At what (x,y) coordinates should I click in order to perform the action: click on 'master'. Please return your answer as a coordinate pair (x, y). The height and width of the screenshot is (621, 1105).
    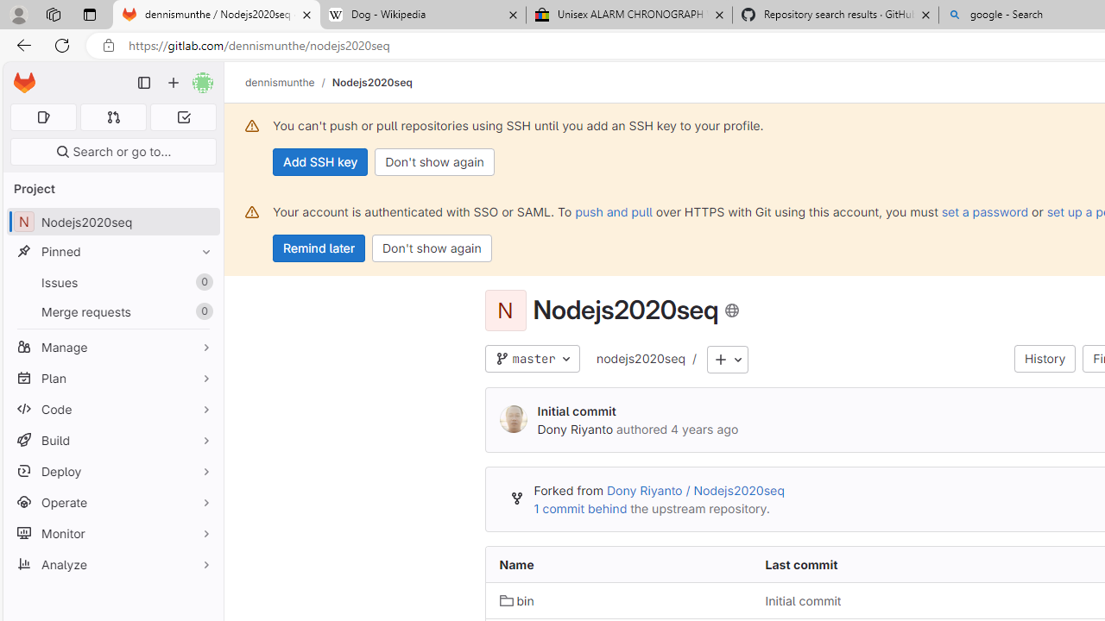
    Looking at the image, I should click on (531, 358).